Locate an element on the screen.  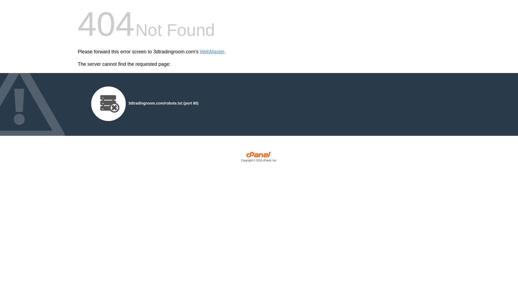
'WebMaster' is located at coordinates (212, 52).